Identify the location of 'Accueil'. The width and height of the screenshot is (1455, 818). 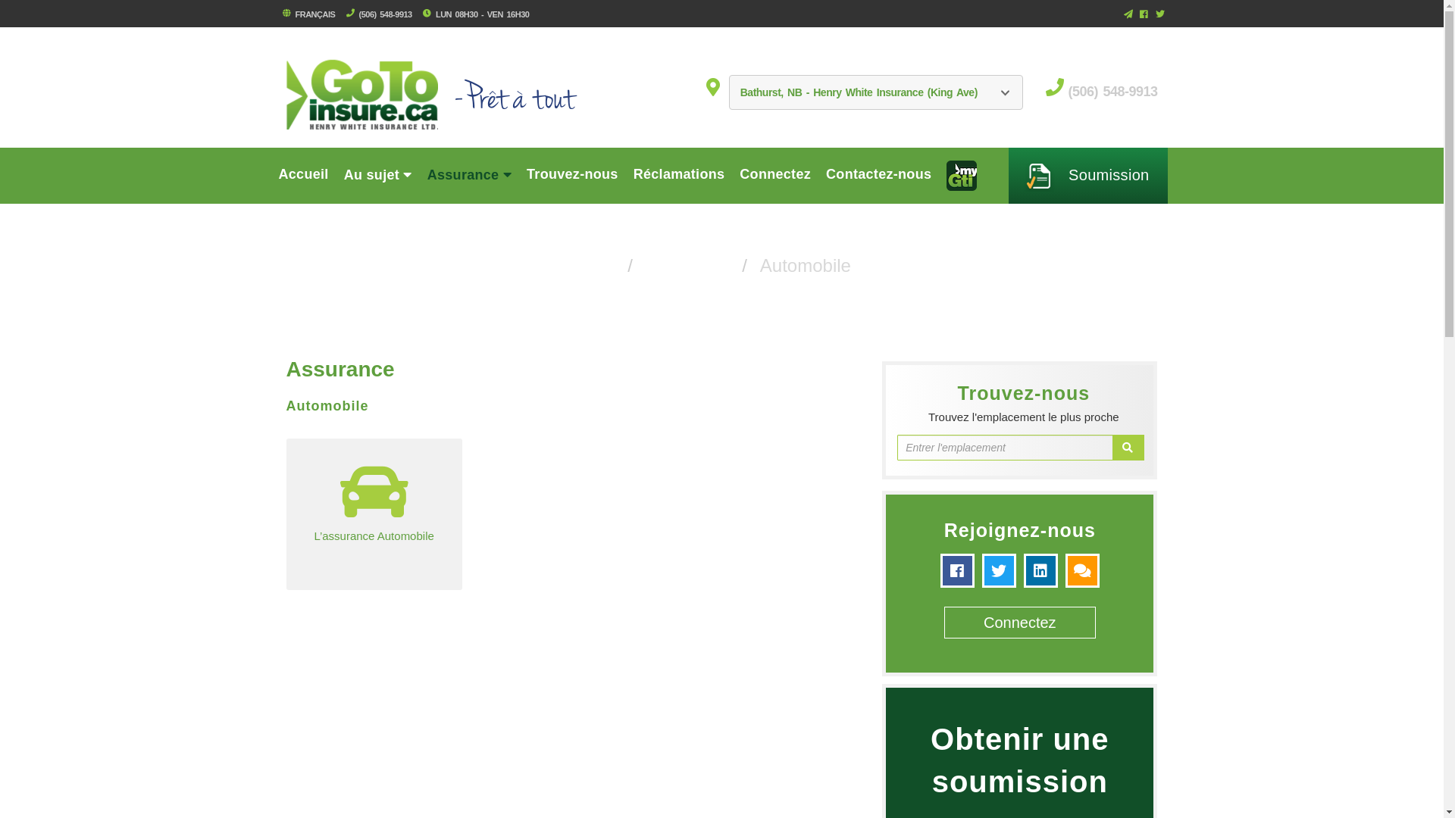
(303, 173).